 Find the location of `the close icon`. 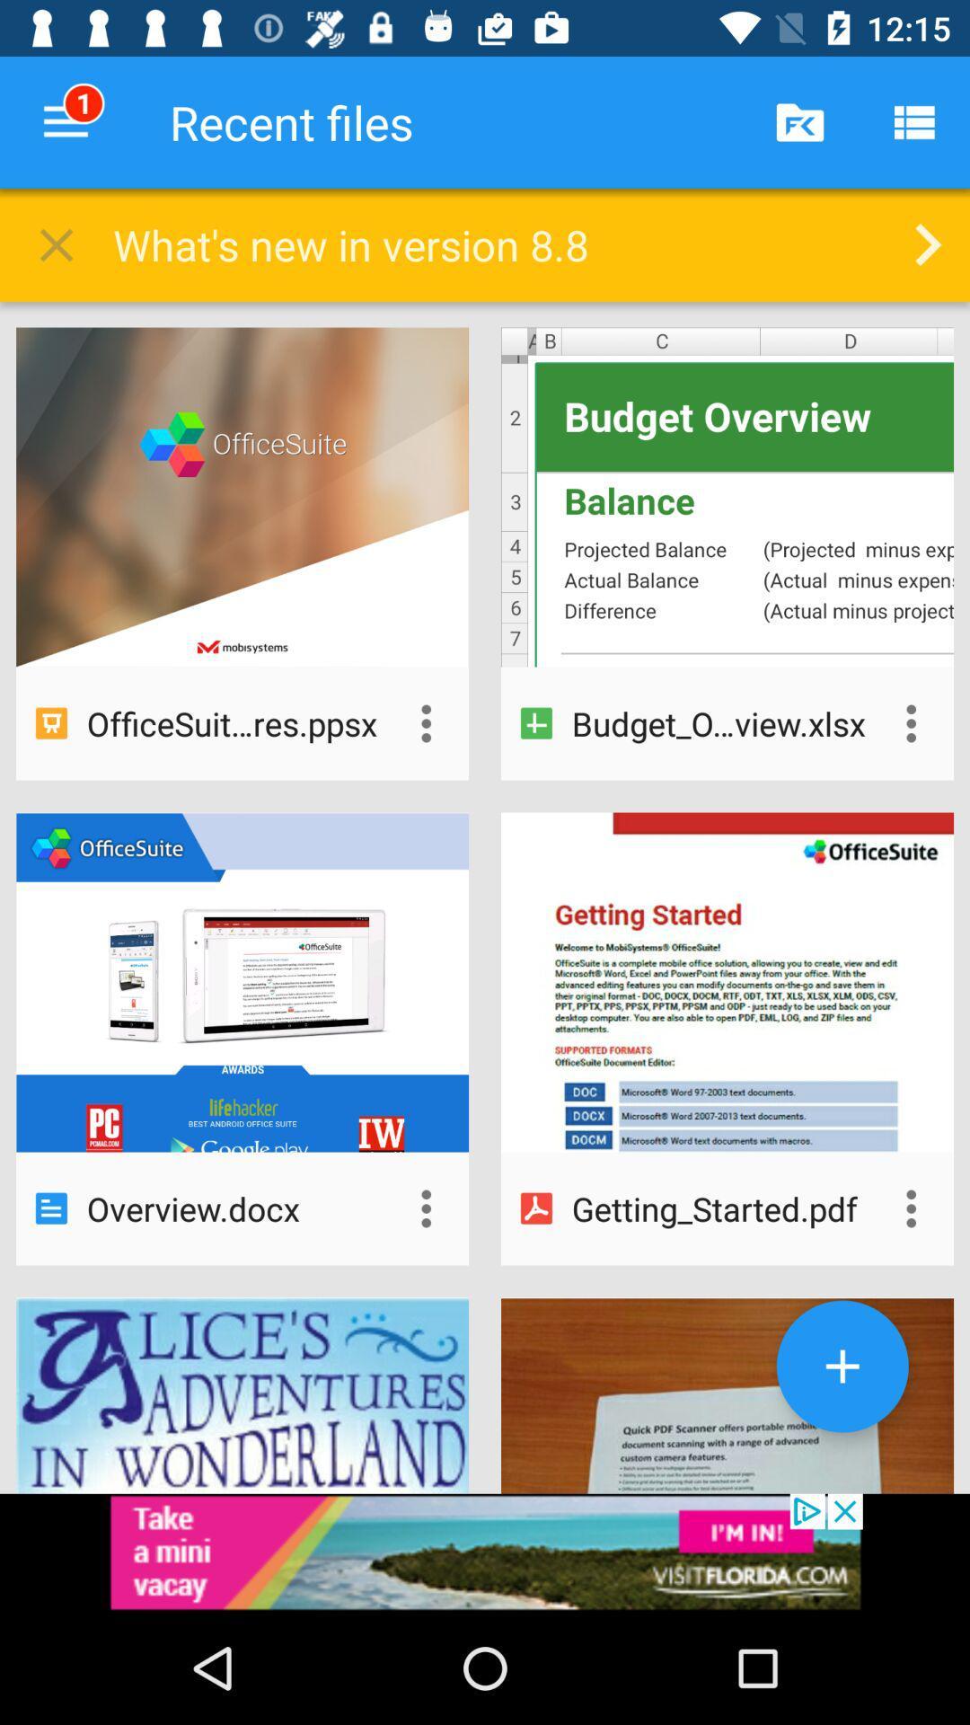

the close icon is located at coordinates (55, 249).